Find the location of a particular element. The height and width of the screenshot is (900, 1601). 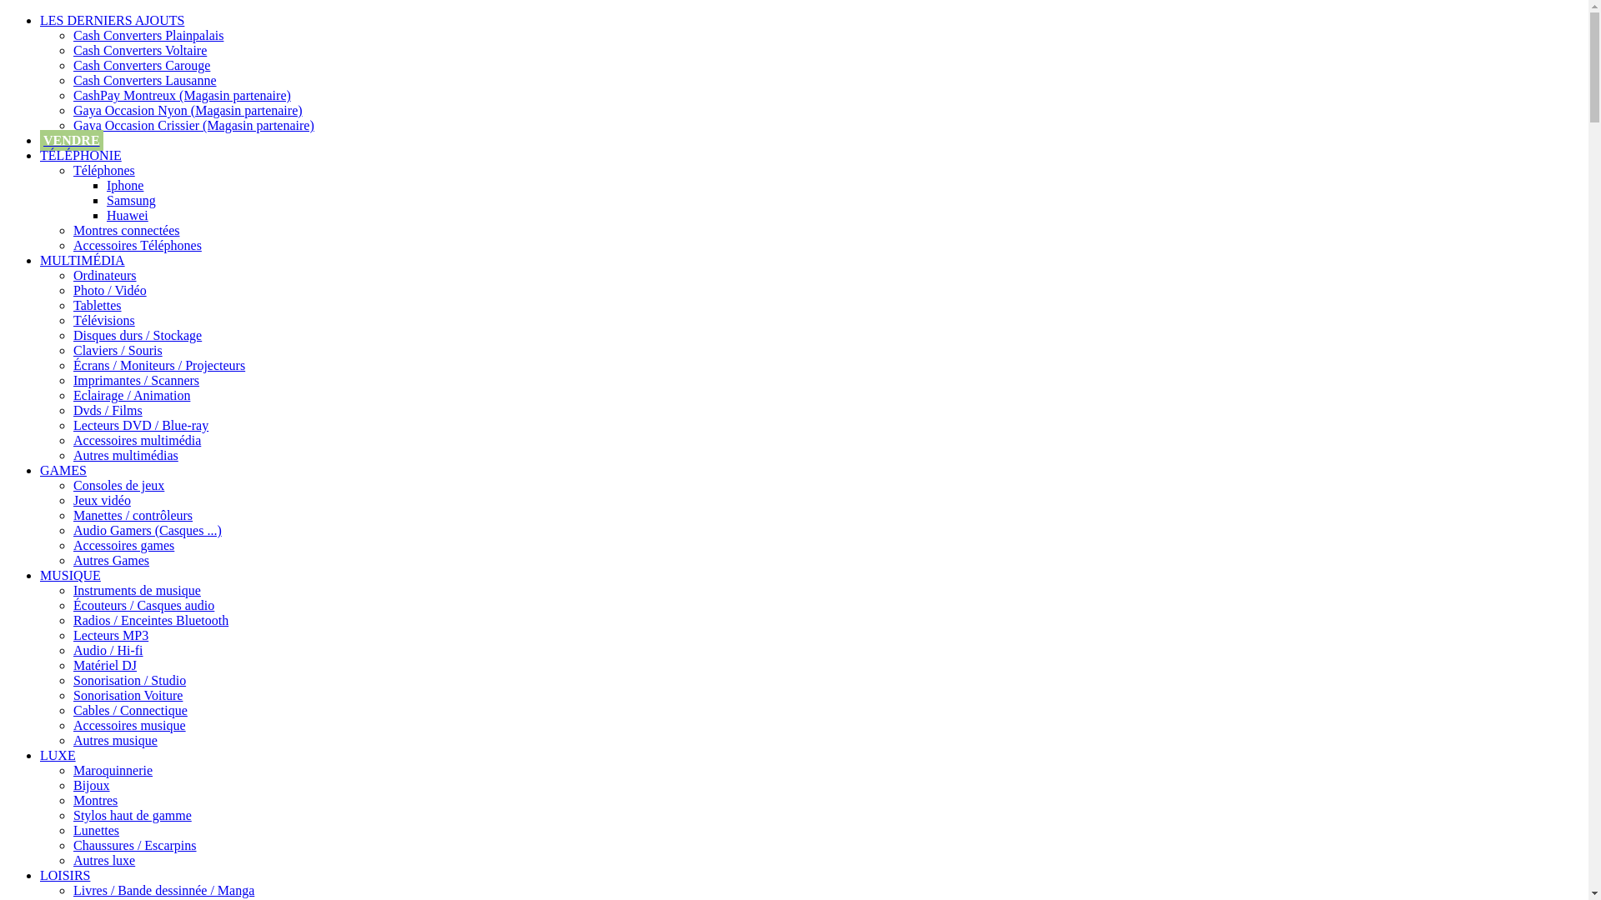

'Radios / Enceintes Bluetooth' is located at coordinates (72, 620).